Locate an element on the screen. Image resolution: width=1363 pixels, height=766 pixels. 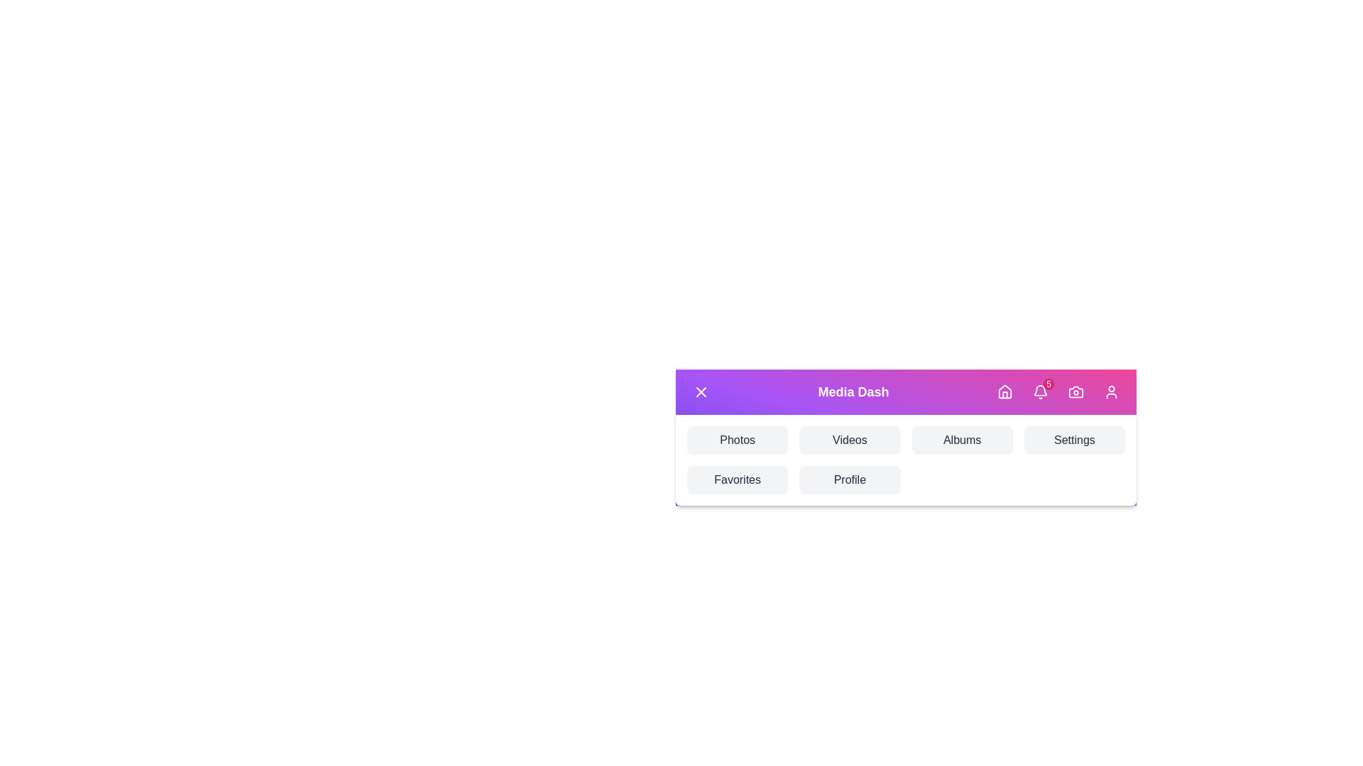
the navigation button labeled Photos to navigate to the respective section is located at coordinates (738, 440).